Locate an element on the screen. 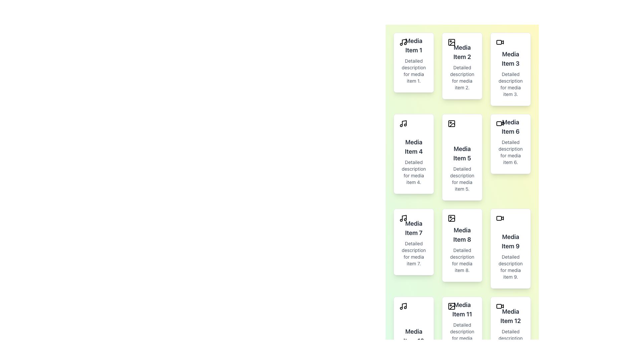 The image size is (641, 360). the card component labeled 'Media Item 2' which contains an icon, a bold title, and a description, located in the second column, first row of the grid layout is located at coordinates (462, 66).